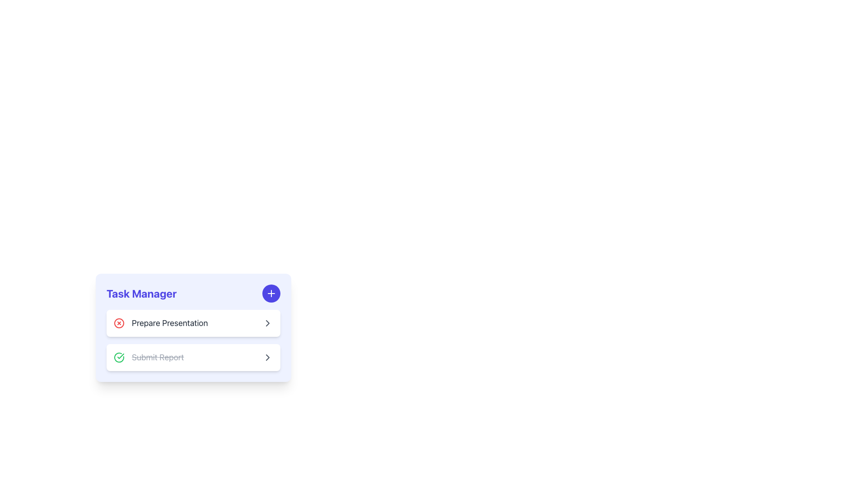 This screenshot has height=487, width=867. Describe the element at coordinates (193, 357) in the screenshot. I see `the second task item` at that location.